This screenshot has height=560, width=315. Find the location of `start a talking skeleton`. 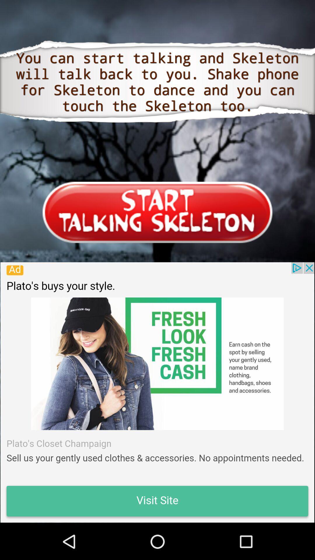

start a talking skeleton is located at coordinates (157, 212).